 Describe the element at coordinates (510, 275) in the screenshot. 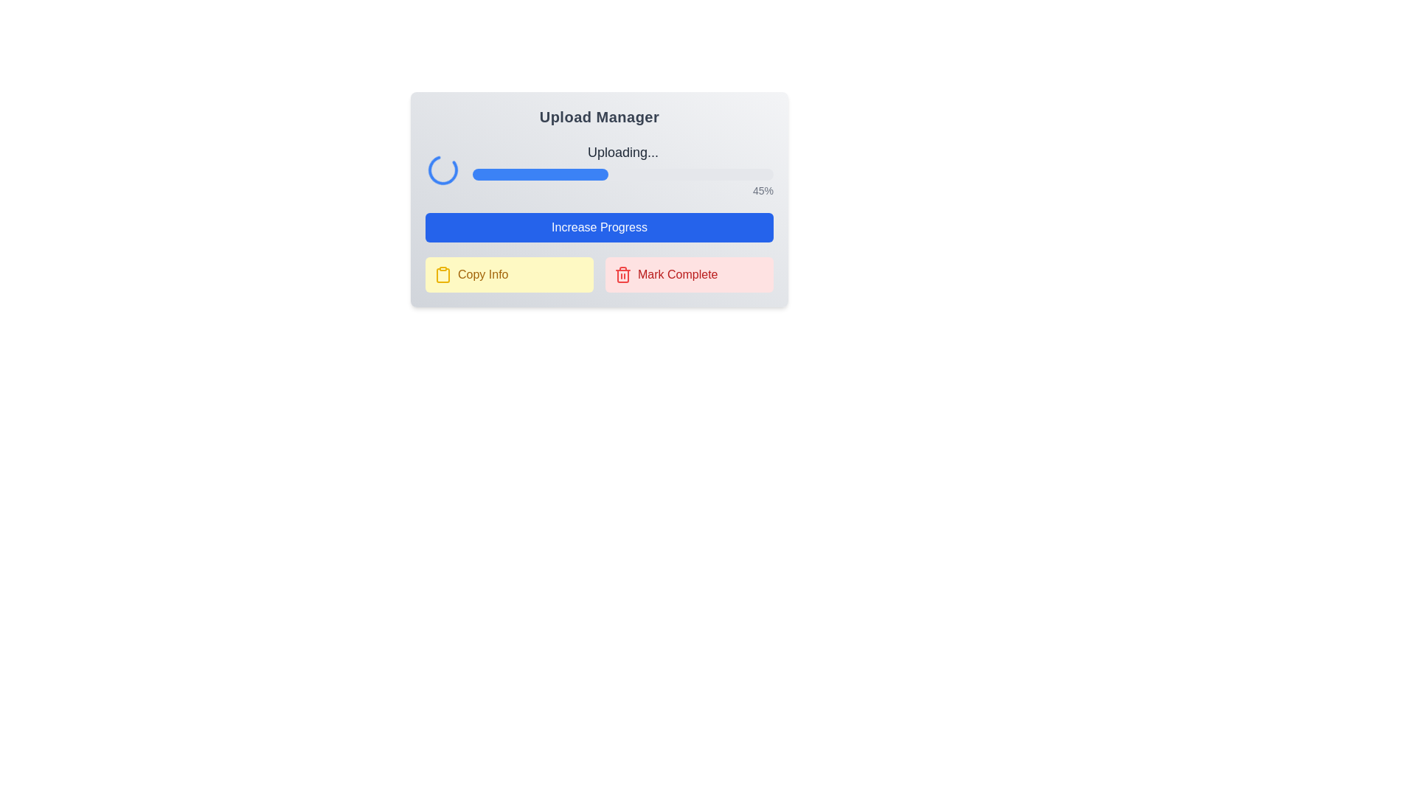

I see `the 'Copy' button located on the left side of the 'Mark Complete' button` at that location.